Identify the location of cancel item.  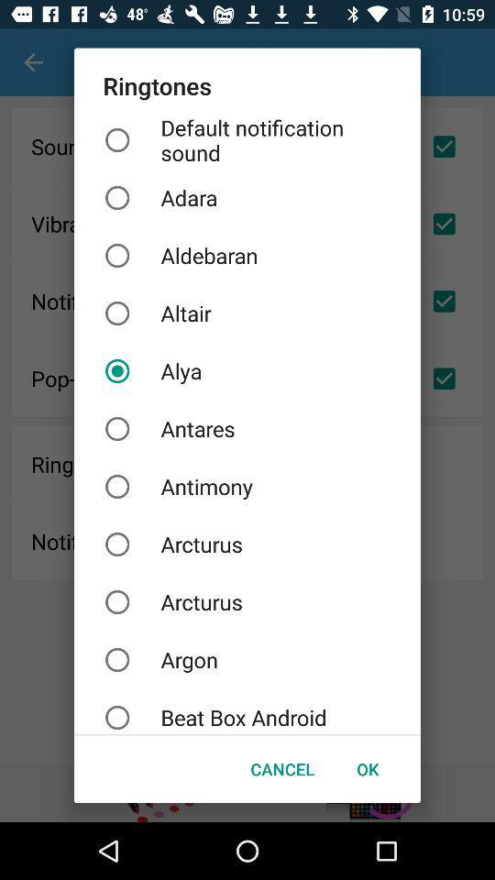
(282, 769).